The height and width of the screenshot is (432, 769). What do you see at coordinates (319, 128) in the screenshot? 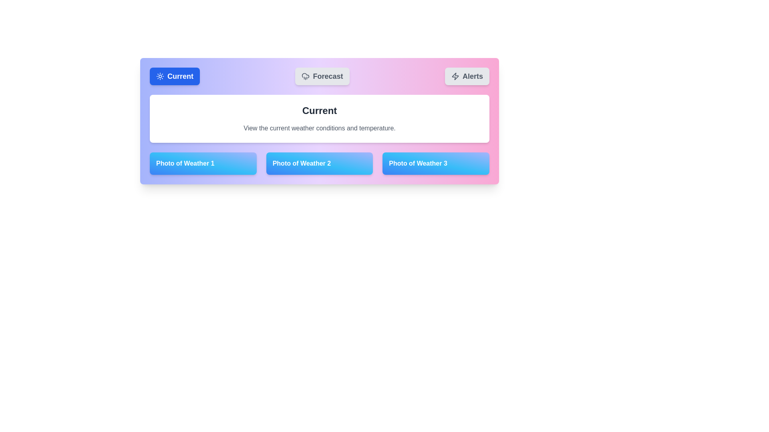
I see `the text label displaying 'View the current weather conditions and temperature.' which is styled in light gray and located below the header 'Current' within a white rounded rectangular card` at bounding box center [319, 128].